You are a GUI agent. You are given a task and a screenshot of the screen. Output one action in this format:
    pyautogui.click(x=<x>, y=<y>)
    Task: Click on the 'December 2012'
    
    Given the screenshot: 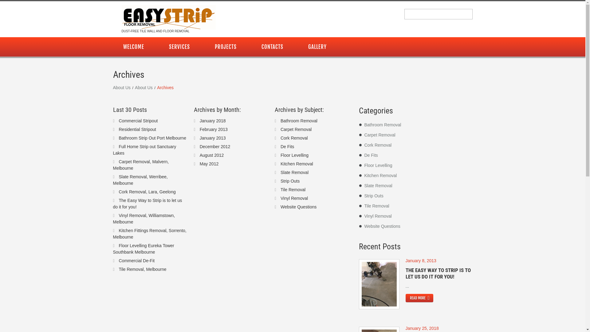 What is the action you would take?
    pyautogui.click(x=215, y=146)
    